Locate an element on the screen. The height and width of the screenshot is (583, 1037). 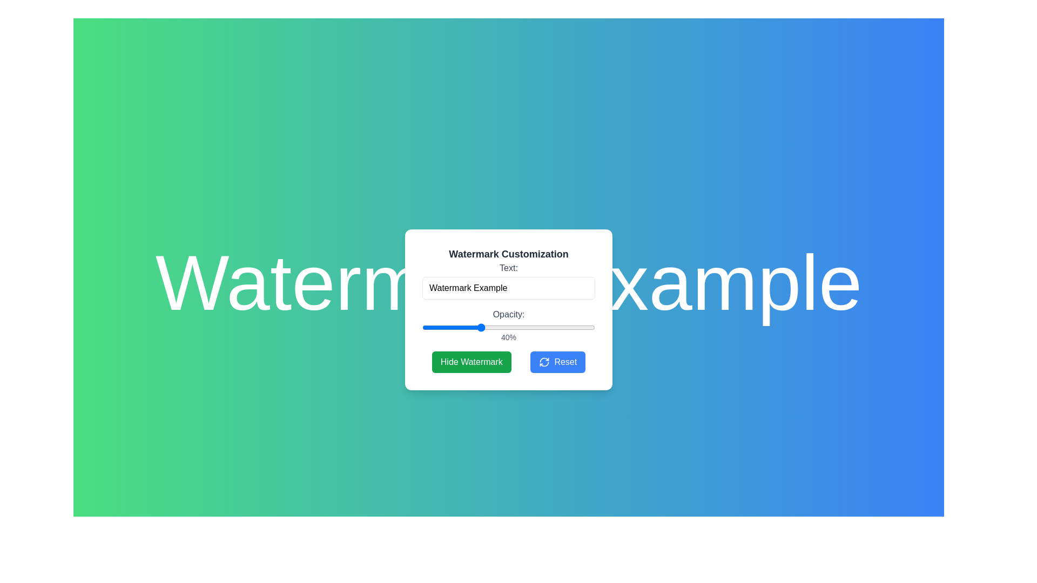
opacity is located at coordinates (453, 327).